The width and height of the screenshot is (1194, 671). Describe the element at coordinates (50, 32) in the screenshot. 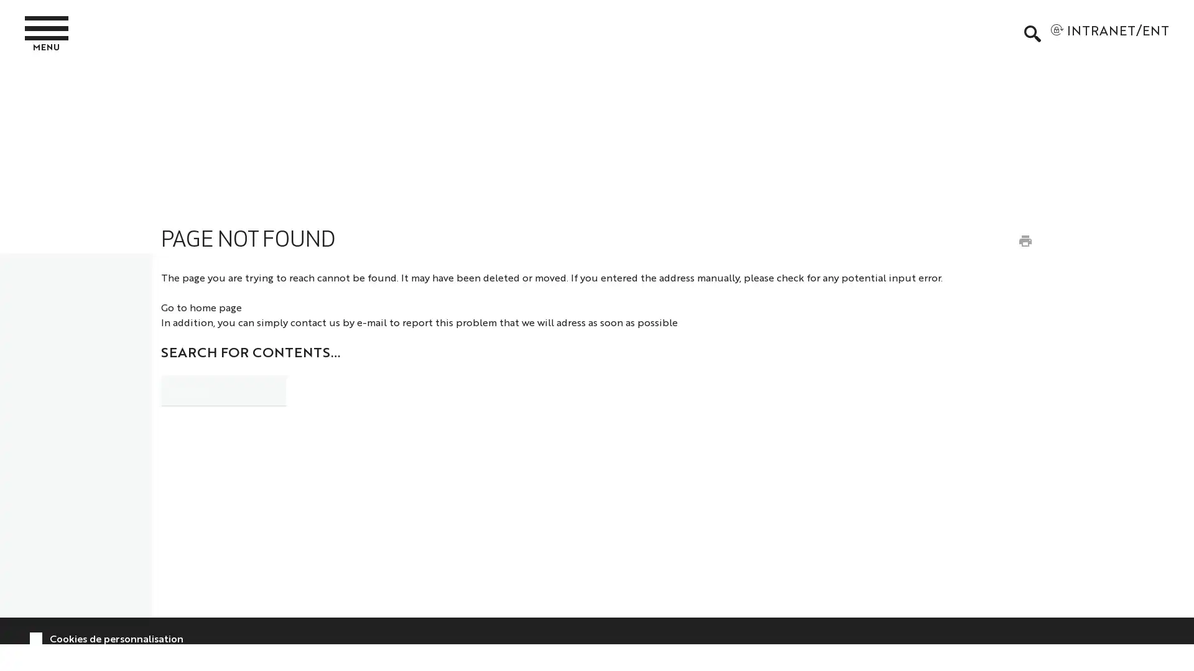

I see `OPEN MENU MENU` at that location.